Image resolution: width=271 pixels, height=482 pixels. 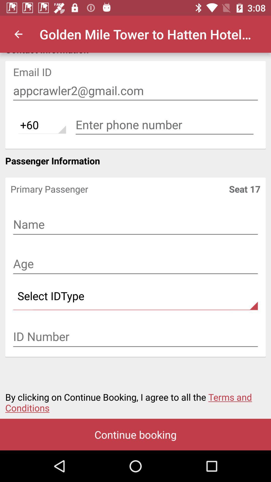 I want to click on by clicking on item, so click(x=135, y=399).